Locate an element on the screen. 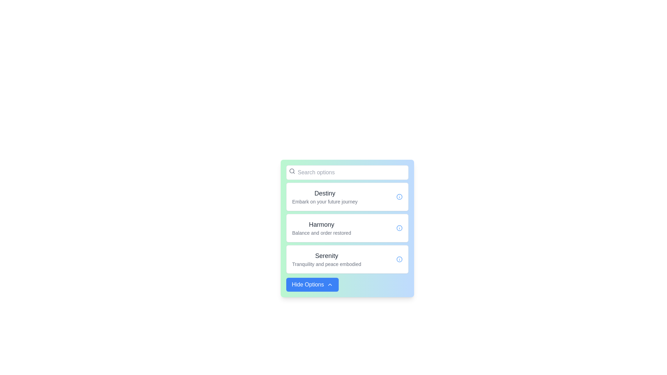  the upward-facing chevron arrow SVG icon located to the right of the 'Hide Options' button is located at coordinates (329, 285).